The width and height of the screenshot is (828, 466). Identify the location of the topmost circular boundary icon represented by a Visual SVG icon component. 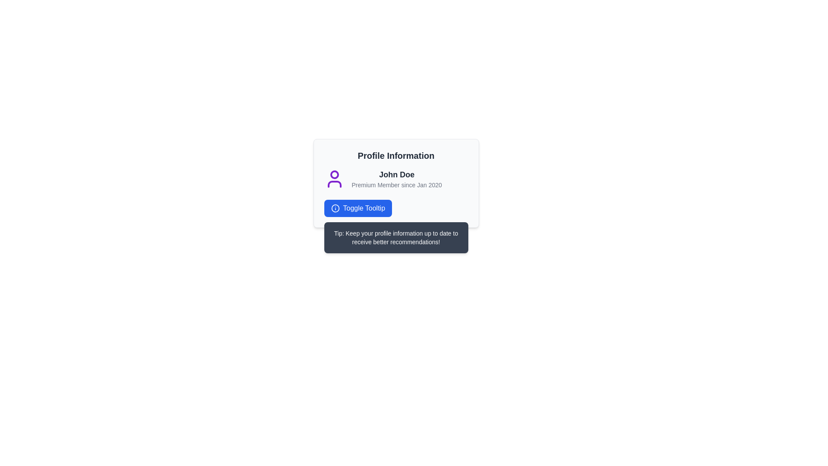
(335, 208).